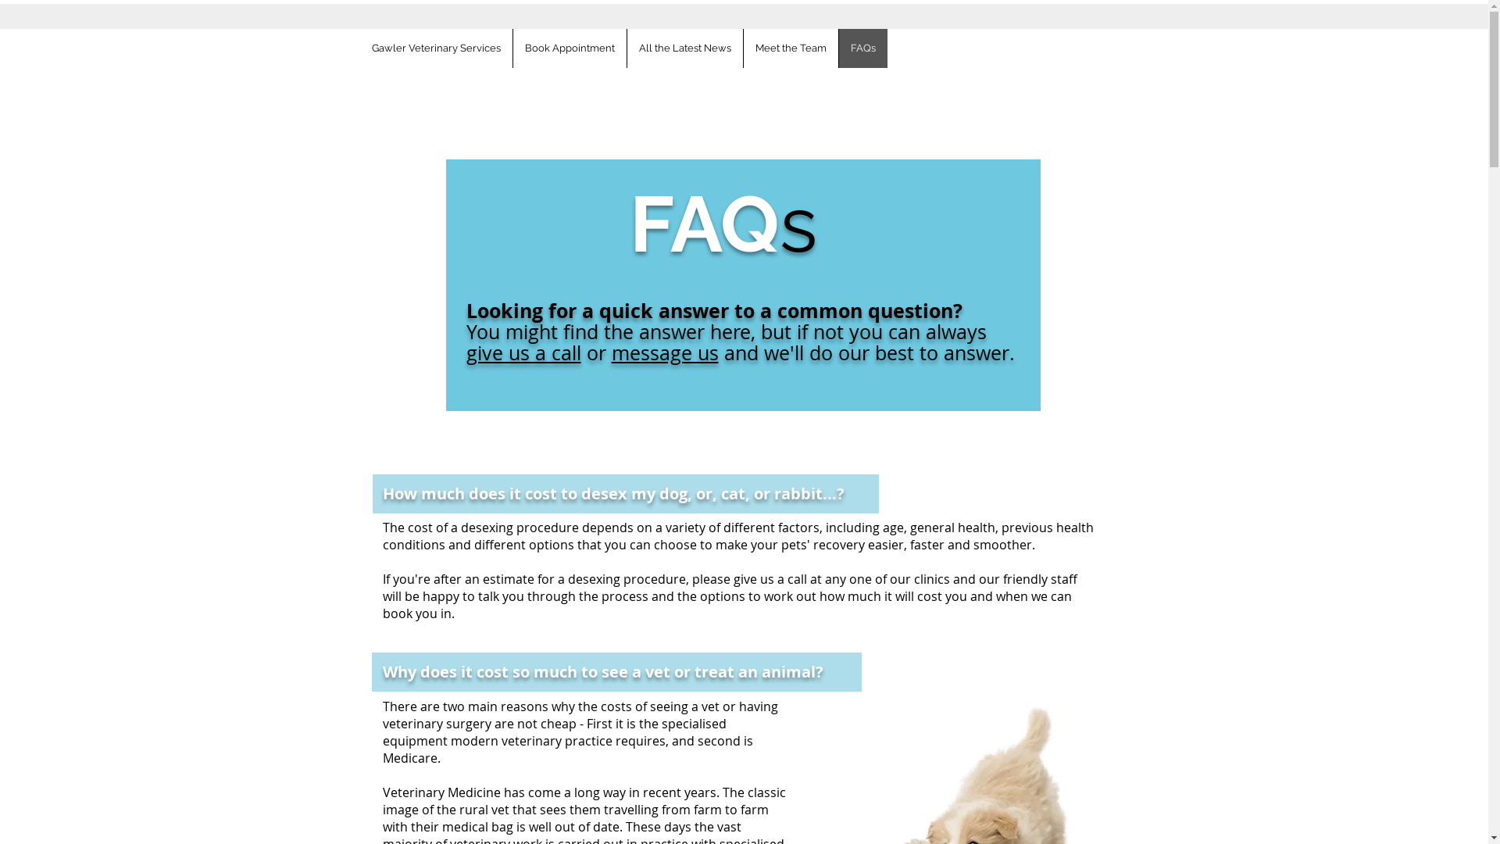  Describe the element at coordinates (861, 47) in the screenshot. I see `'FAQs'` at that location.